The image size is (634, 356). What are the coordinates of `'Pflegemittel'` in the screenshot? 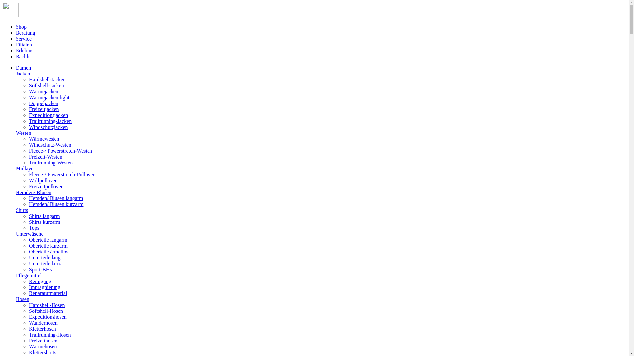 It's located at (28, 275).